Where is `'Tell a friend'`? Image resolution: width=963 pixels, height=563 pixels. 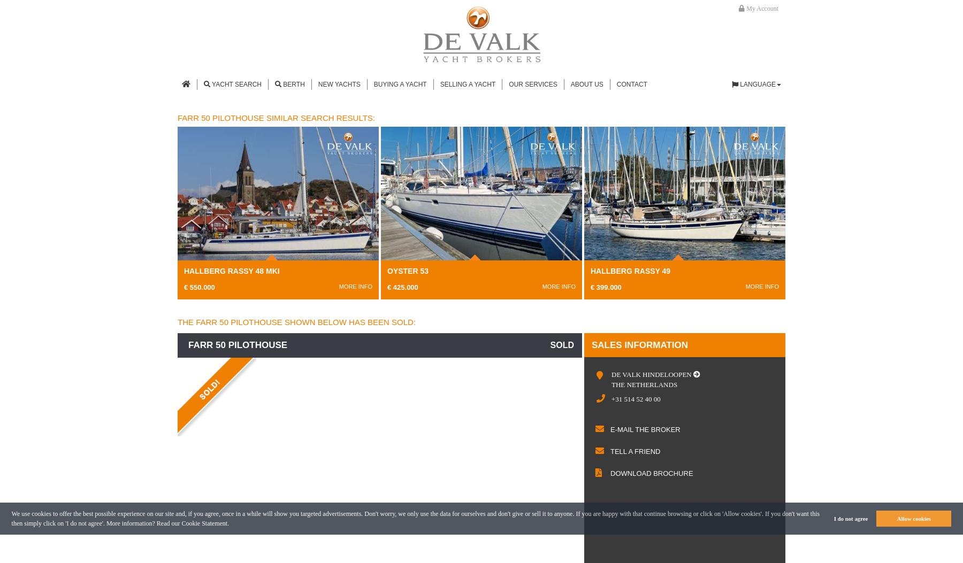
'Tell a friend' is located at coordinates (635, 451).